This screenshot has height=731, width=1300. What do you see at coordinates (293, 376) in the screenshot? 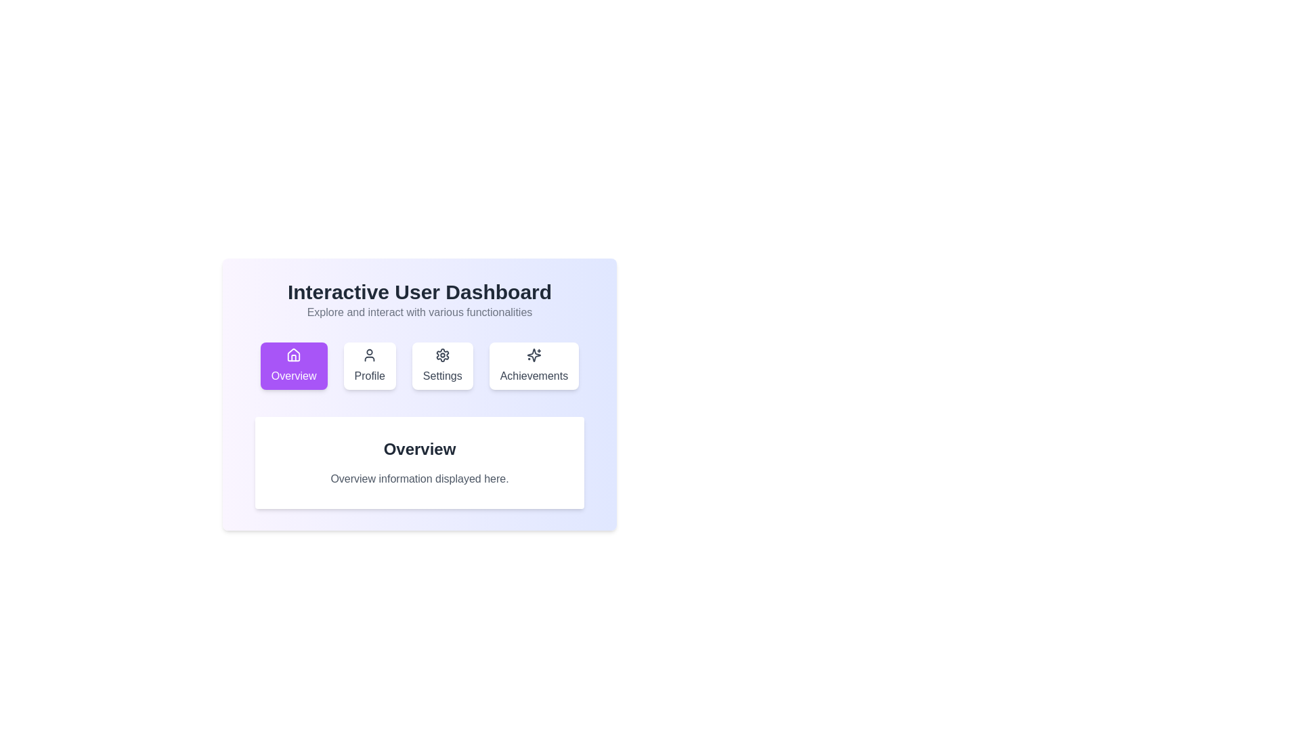
I see `the 'Overview' button, which is a text label in white font on a purple rectangular background` at bounding box center [293, 376].